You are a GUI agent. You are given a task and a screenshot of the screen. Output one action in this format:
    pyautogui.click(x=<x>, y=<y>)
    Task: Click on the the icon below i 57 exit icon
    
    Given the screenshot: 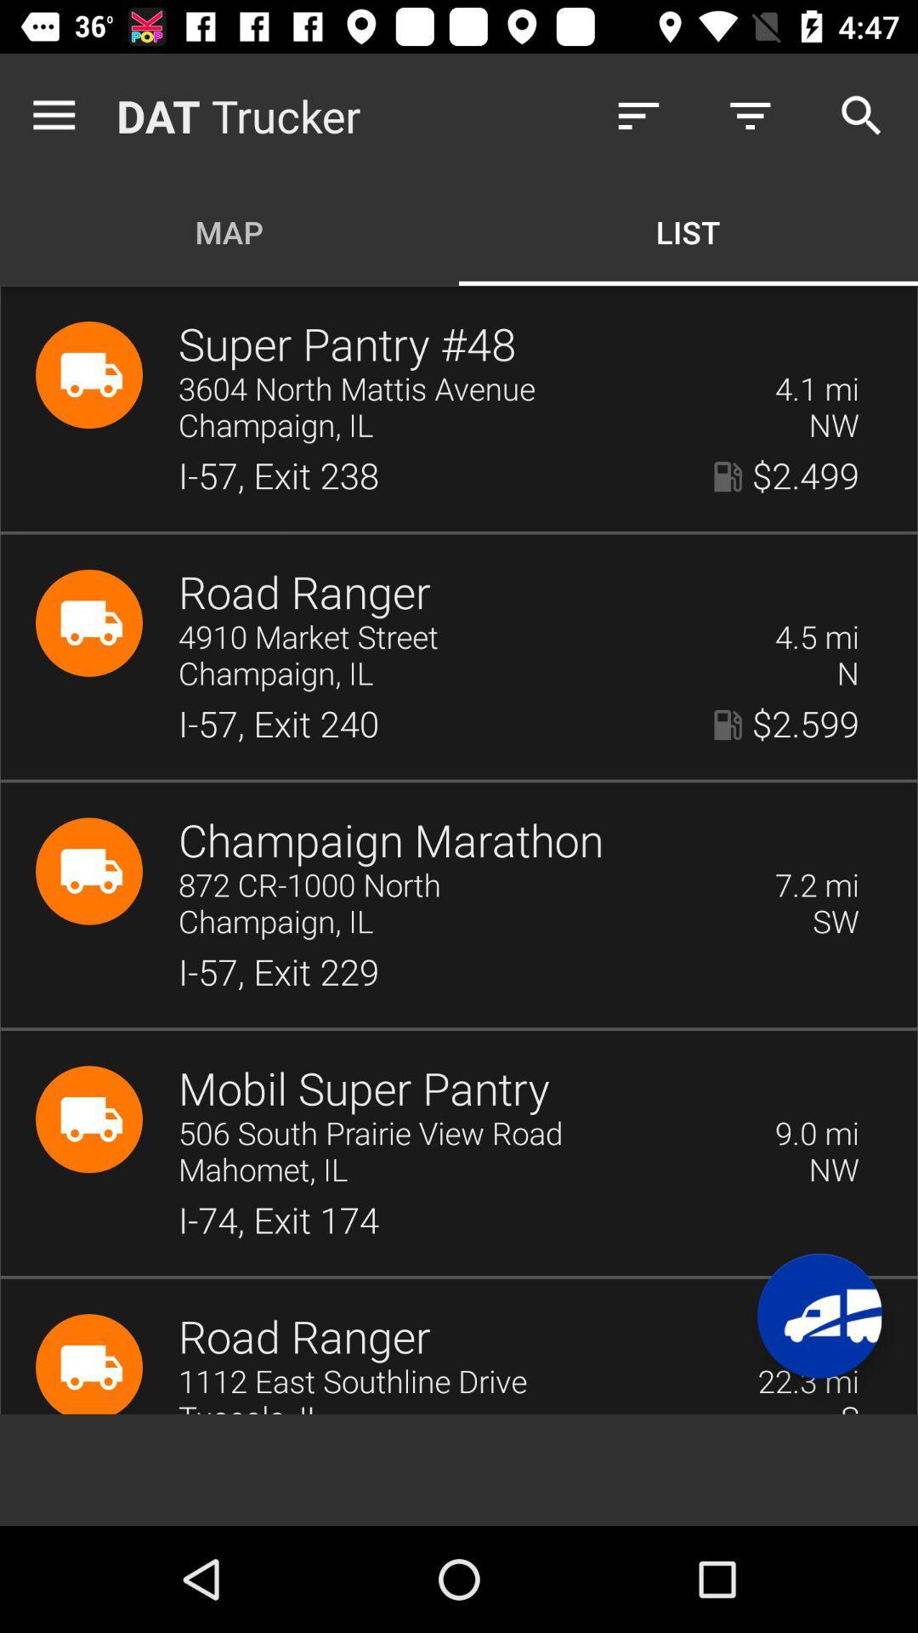 What is the action you would take?
    pyautogui.click(x=816, y=1134)
    